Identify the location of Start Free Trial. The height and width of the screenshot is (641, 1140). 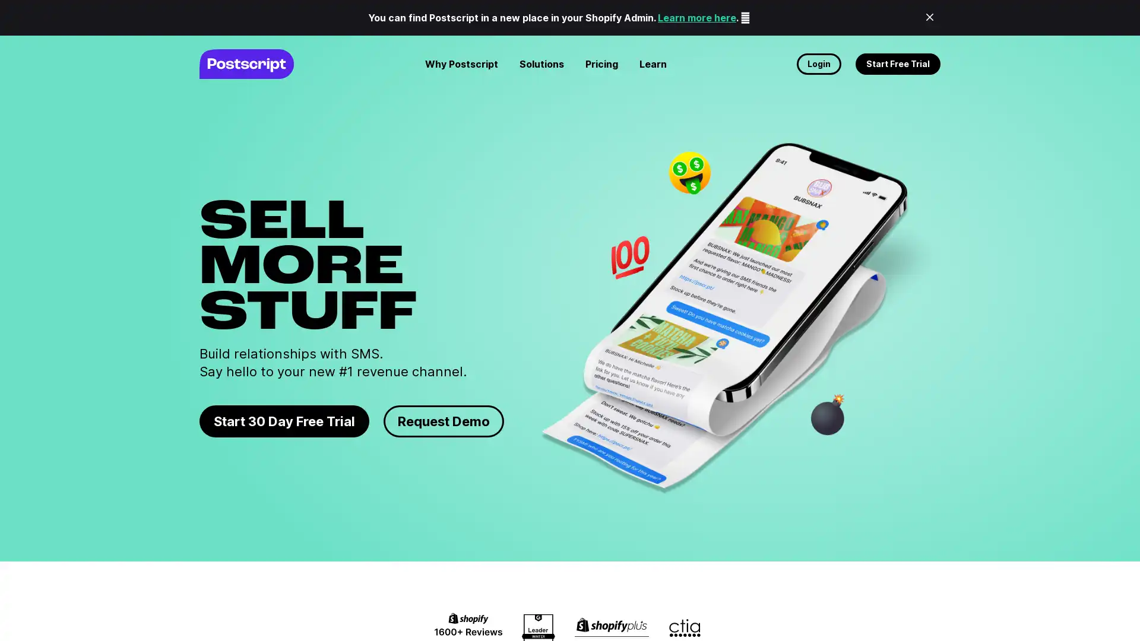
(898, 64).